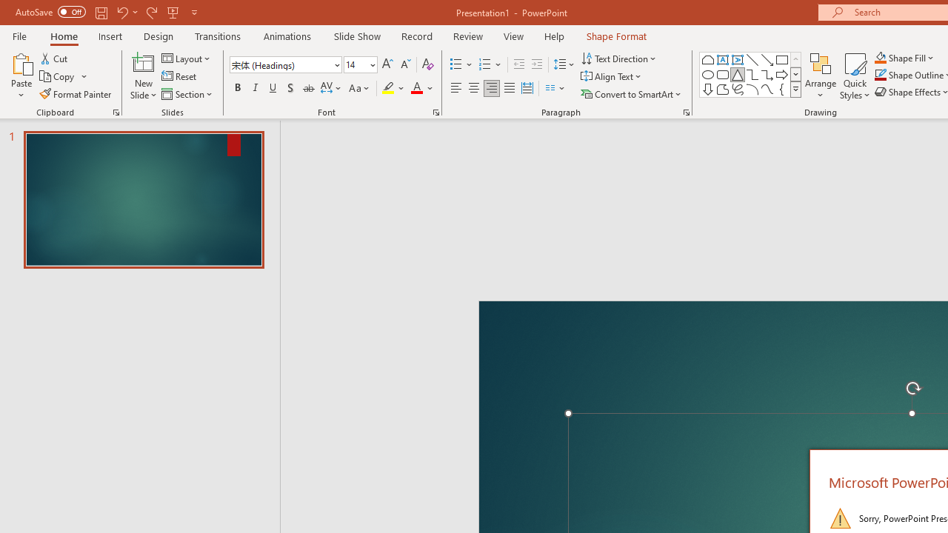 This screenshot has width=948, height=533. What do you see at coordinates (840, 517) in the screenshot?
I see `'Warning Icon'` at bounding box center [840, 517].